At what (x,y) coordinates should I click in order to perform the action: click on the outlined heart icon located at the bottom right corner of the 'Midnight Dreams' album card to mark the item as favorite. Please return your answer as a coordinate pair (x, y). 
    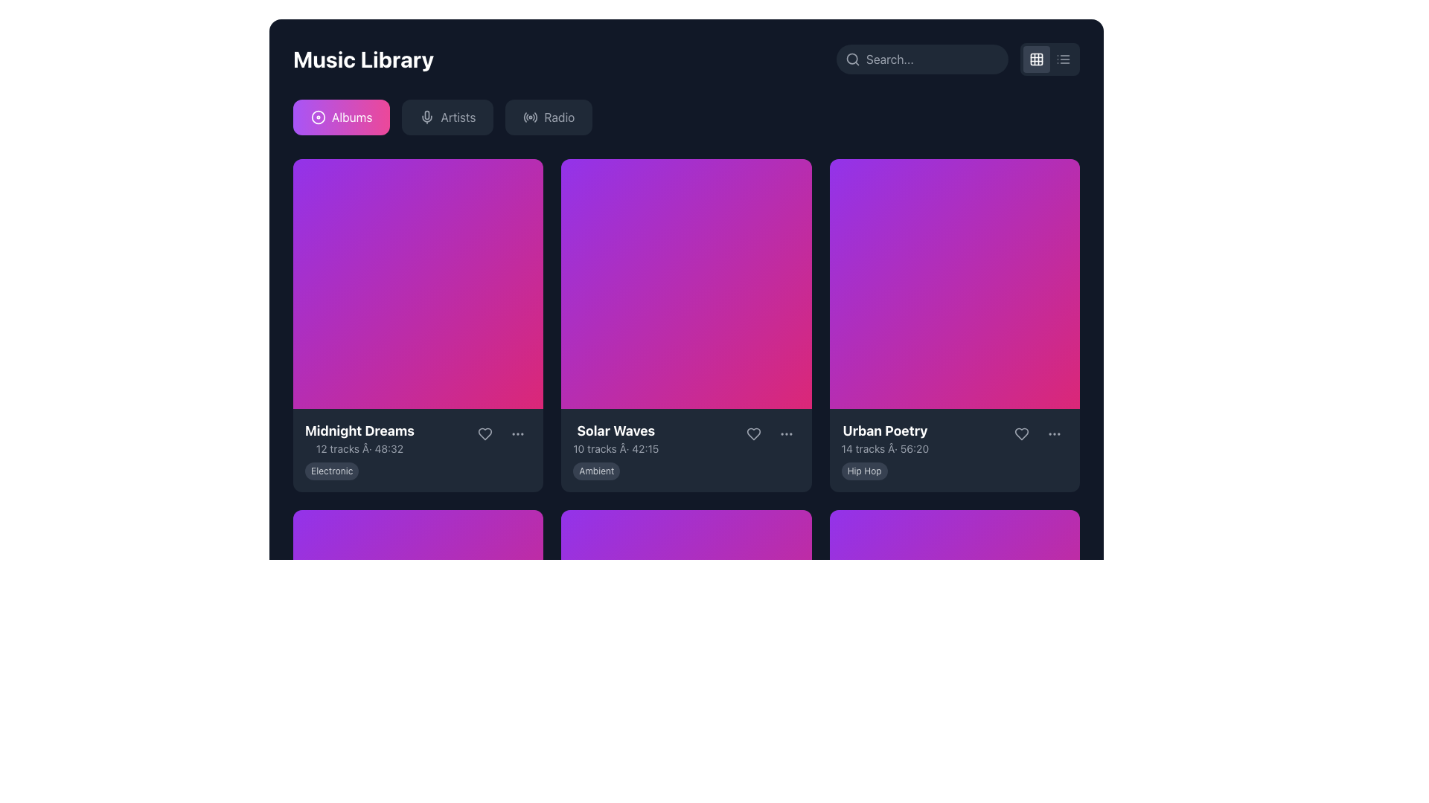
    Looking at the image, I should click on (485, 434).